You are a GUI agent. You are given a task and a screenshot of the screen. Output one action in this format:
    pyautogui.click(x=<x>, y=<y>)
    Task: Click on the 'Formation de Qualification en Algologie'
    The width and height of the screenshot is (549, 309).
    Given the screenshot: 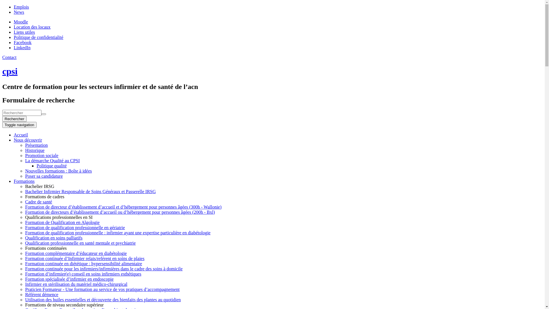 What is the action you would take?
    pyautogui.click(x=62, y=222)
    